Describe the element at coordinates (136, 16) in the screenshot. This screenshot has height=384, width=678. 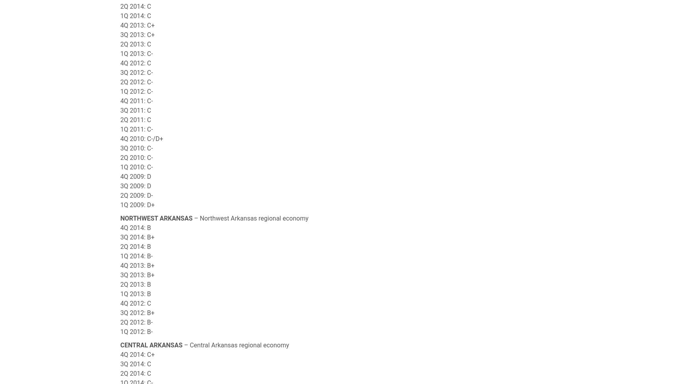
I see `'1Q 2014: C'` at that location.